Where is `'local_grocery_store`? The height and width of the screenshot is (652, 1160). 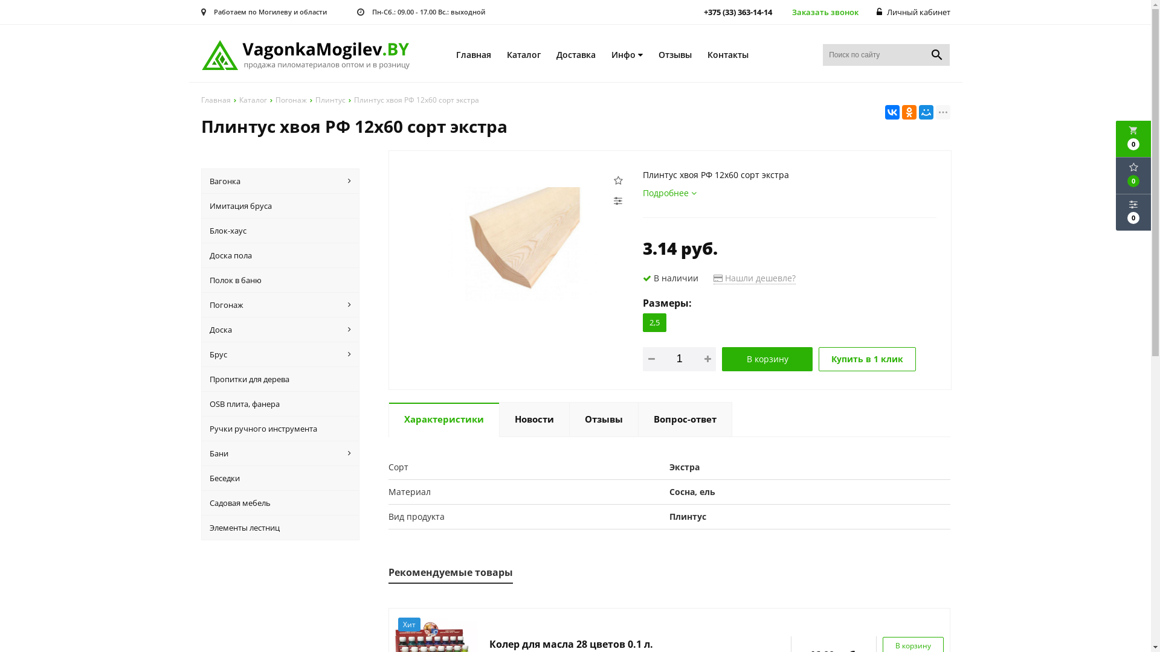
'local_grocery_store is located at coordinates (1133, 138).